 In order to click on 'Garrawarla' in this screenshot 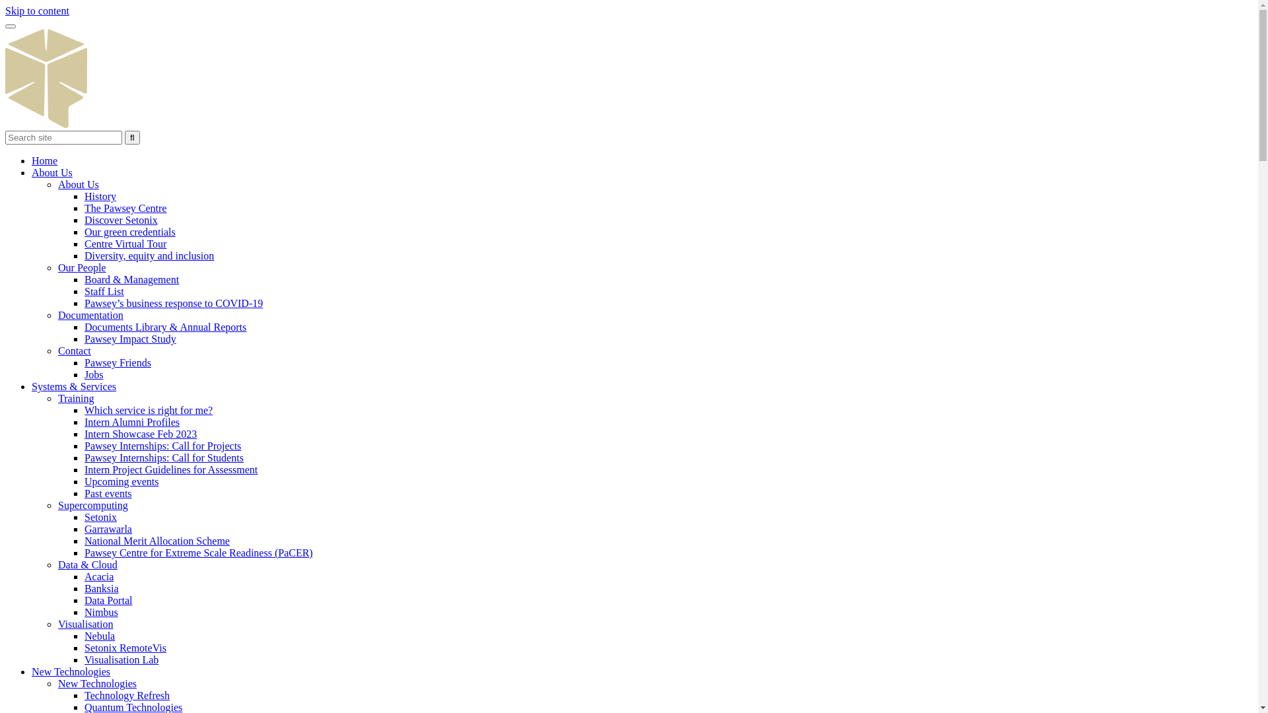, I will do `click(108, 528)`.